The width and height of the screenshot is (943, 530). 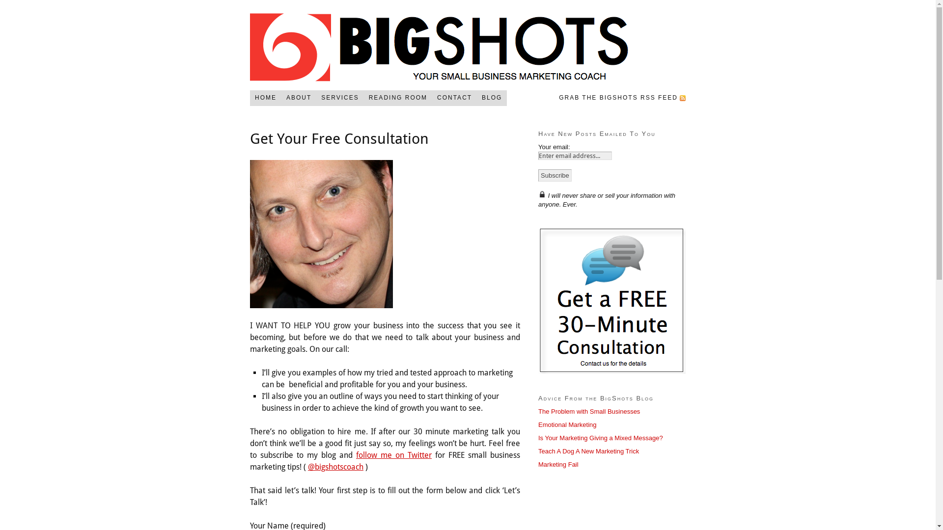 What do you see at coordinates (589, 411) in the screenshot?
I see `'The Problem with Small Businesses'` at bounding box center [589, 411].